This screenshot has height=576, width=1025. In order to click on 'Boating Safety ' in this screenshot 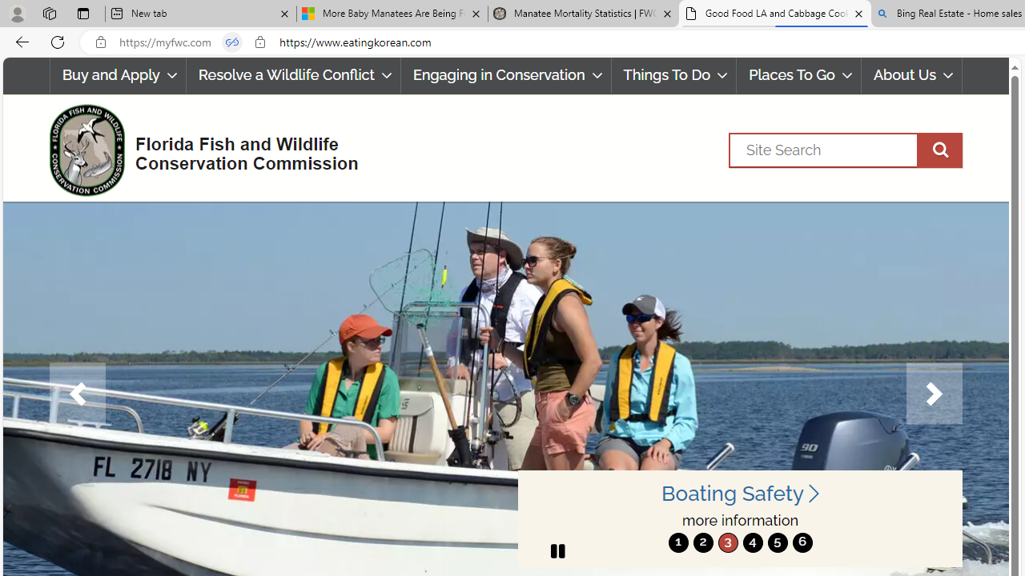, I will do `click(739, 493)`.